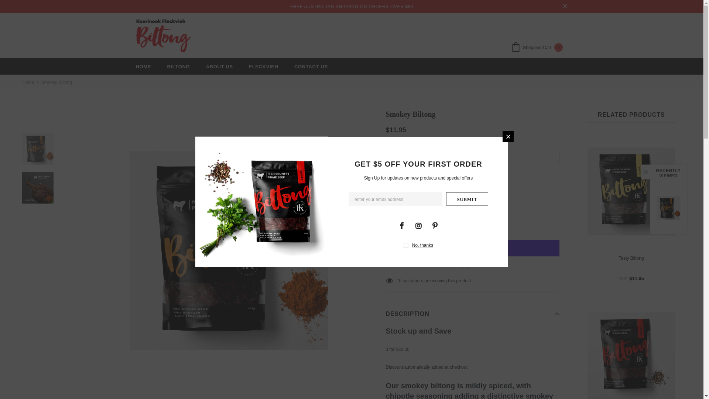 The width and height of the screenshot is (709, 399). What do you see at coordinates (467, 198) in the screenshot?
I see `'Submit'` at bounding box center [467, 198].